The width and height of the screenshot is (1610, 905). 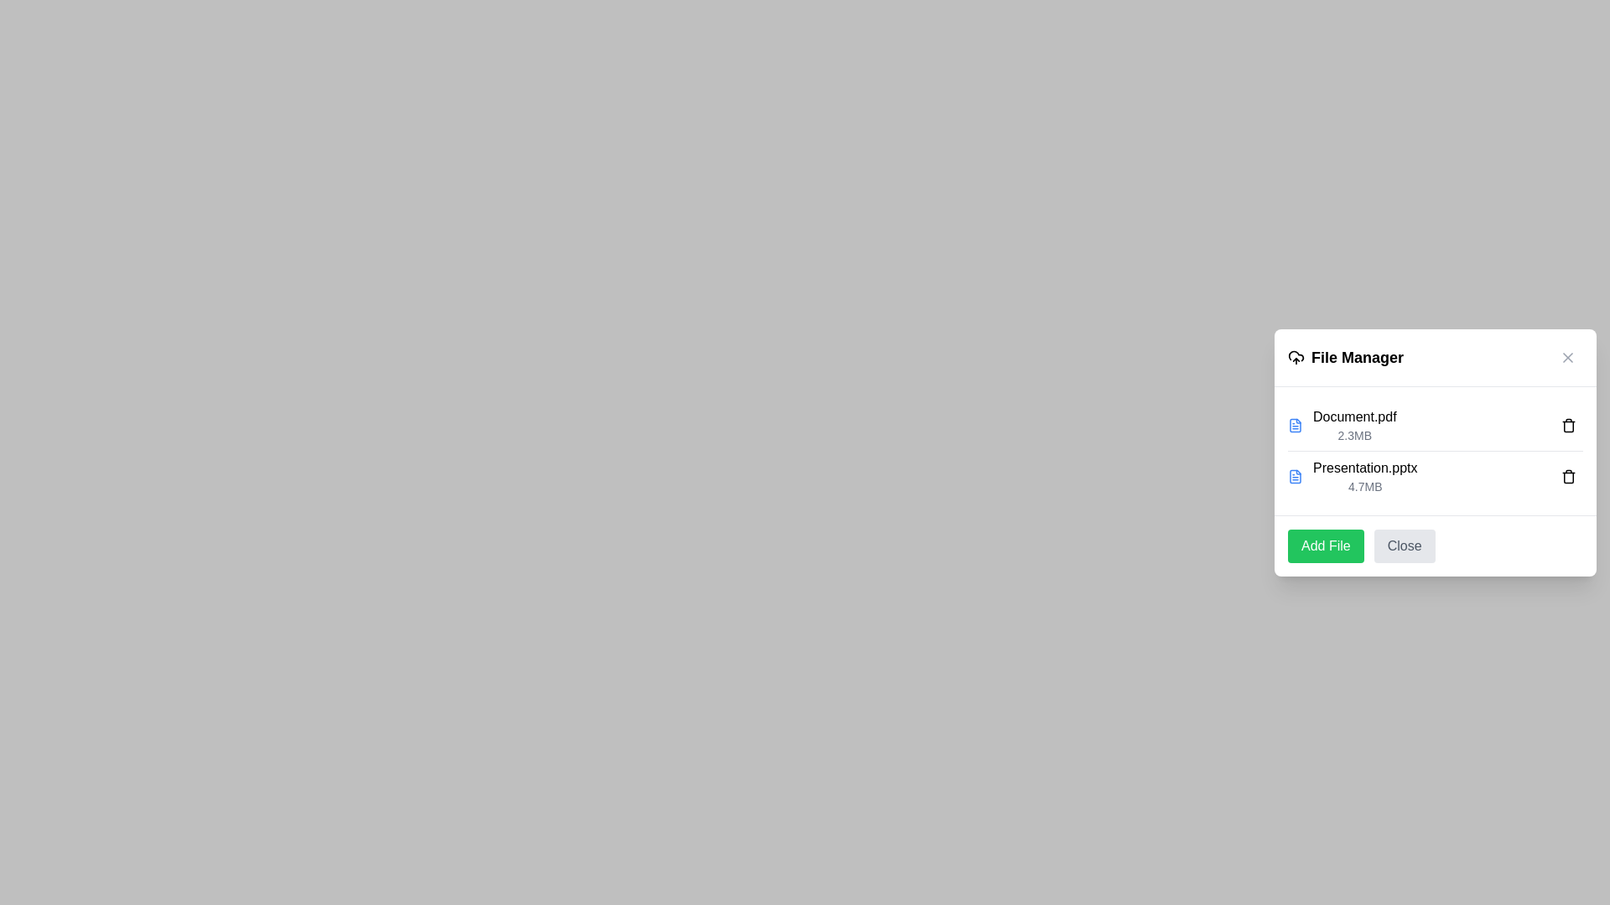 I want to click on the text label displaying '2.3MB', which is aligned below 'Document.pdf' in the file manager UI, so click(x=1354, y=434).